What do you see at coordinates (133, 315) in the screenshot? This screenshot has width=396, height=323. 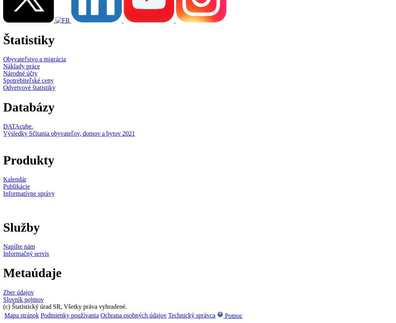 I see `'Ochrana osobných údajov'` at bounding box center [133, 315].